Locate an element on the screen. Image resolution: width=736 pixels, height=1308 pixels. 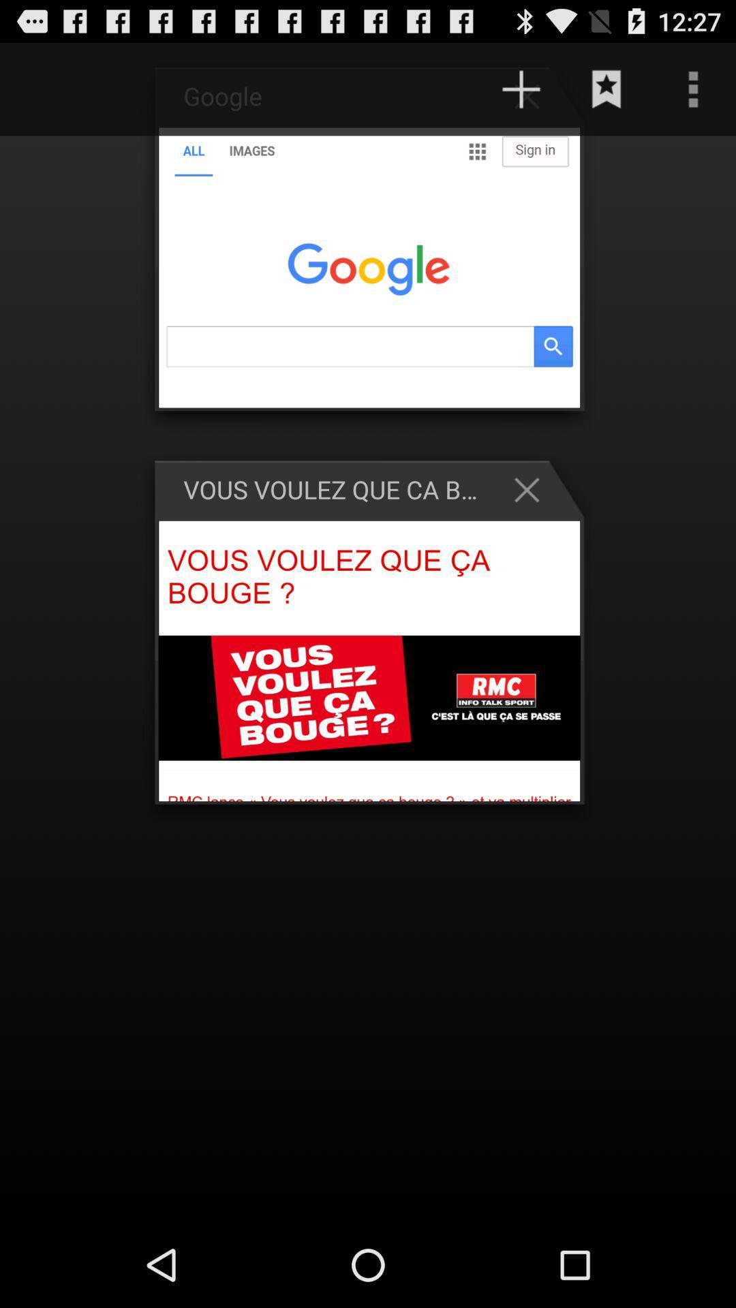
the bookmark icon is located at coordinates (607, 95).